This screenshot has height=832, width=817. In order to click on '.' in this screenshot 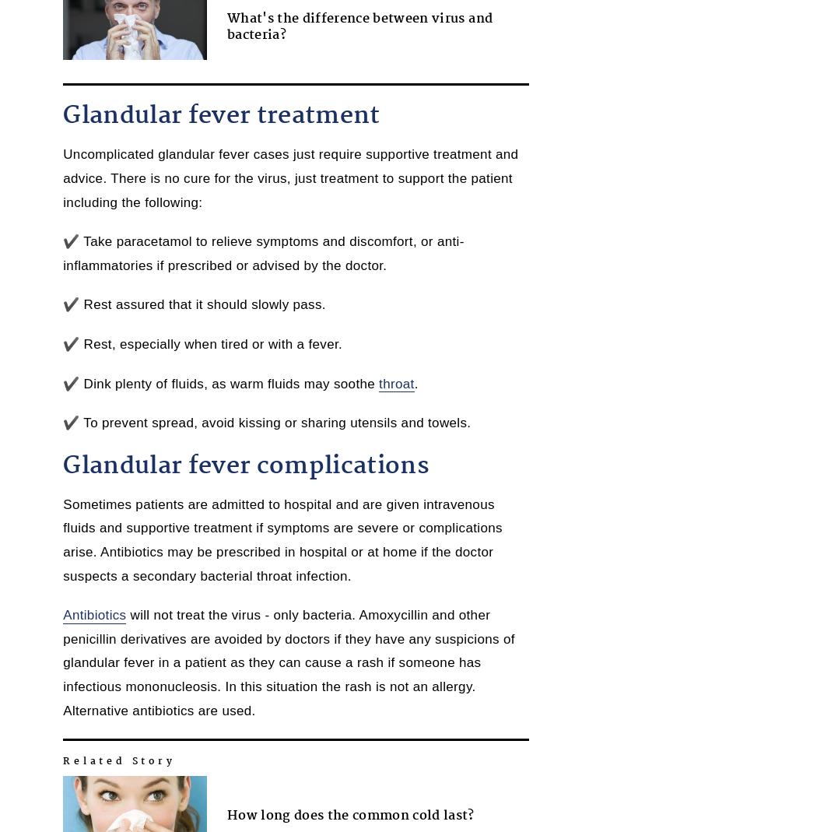, I will do `click(416, 382)`.